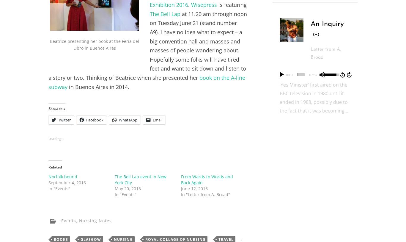 This screenshot has height=242, width=406. Describe the element at coordinates (232, 4) in the screenshot. I see `'is featuring'` at that location.